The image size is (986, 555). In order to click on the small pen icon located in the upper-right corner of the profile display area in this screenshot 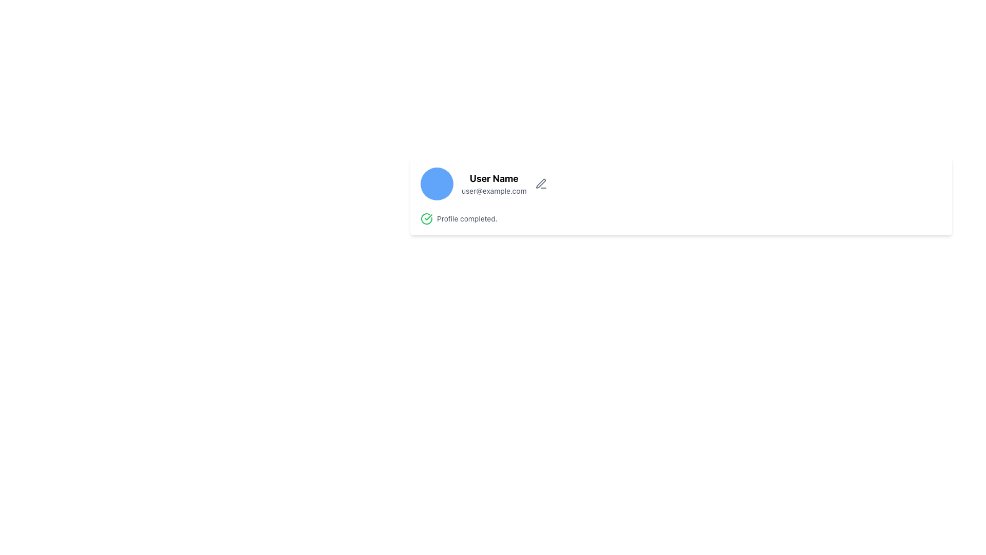, I will do `click(540, 183)`.